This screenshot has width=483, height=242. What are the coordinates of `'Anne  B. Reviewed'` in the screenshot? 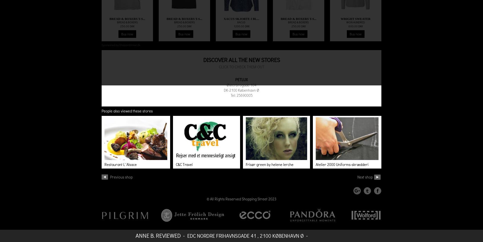 It's located at (135, 235).